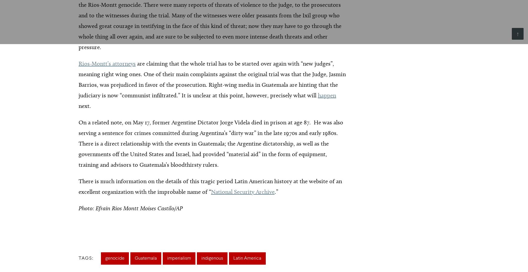 Image resolution: width=528 pixels, height=272 pixels. I want to click on 'Guatemala', so click(146, 258).